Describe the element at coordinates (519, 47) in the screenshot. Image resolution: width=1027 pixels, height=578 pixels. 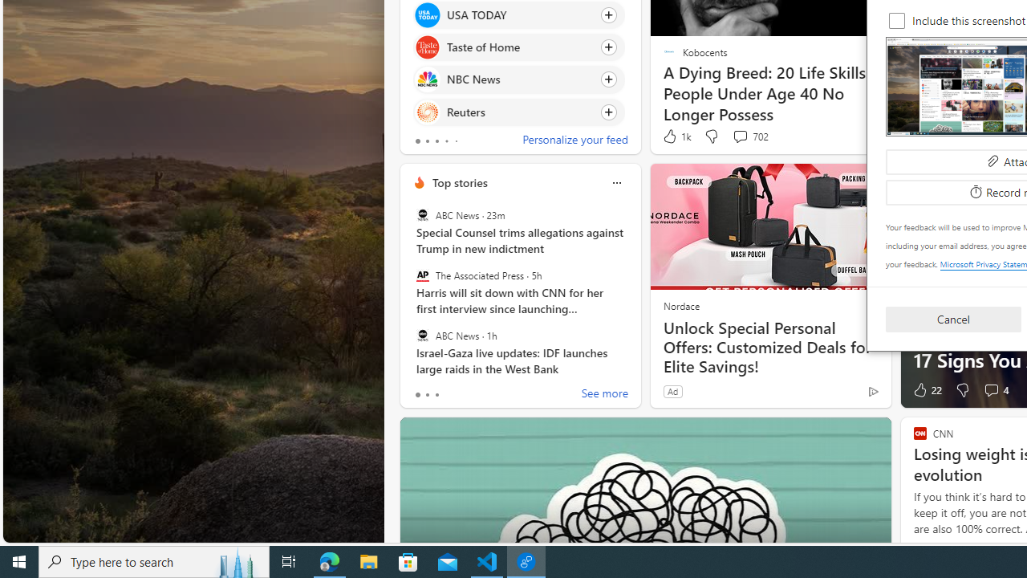
I see `'Click to follow source Taste of Home'` at that location.